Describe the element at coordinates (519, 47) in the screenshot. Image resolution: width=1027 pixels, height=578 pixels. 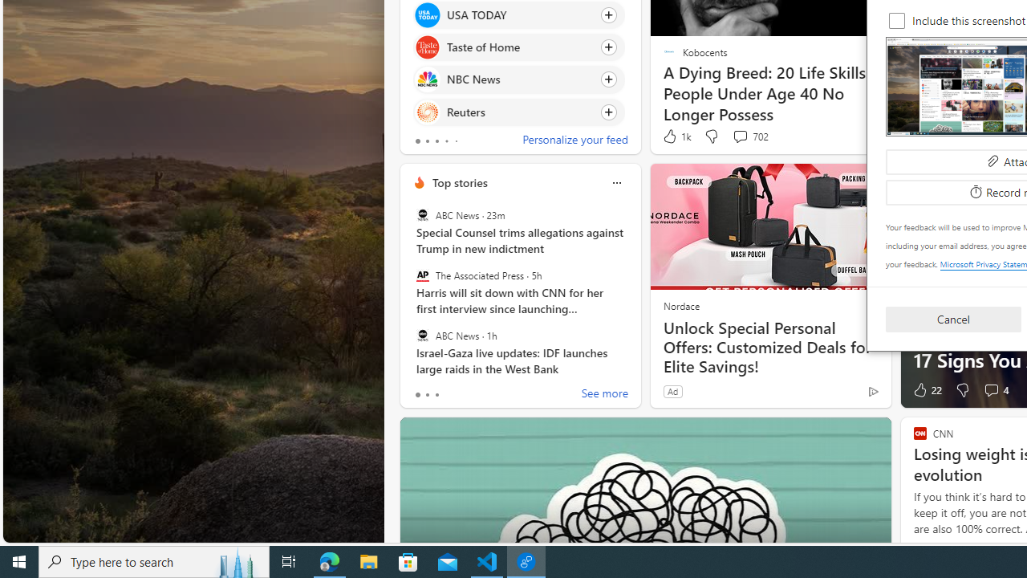
I see `'Click to follow source Taste of Home'` at that location.